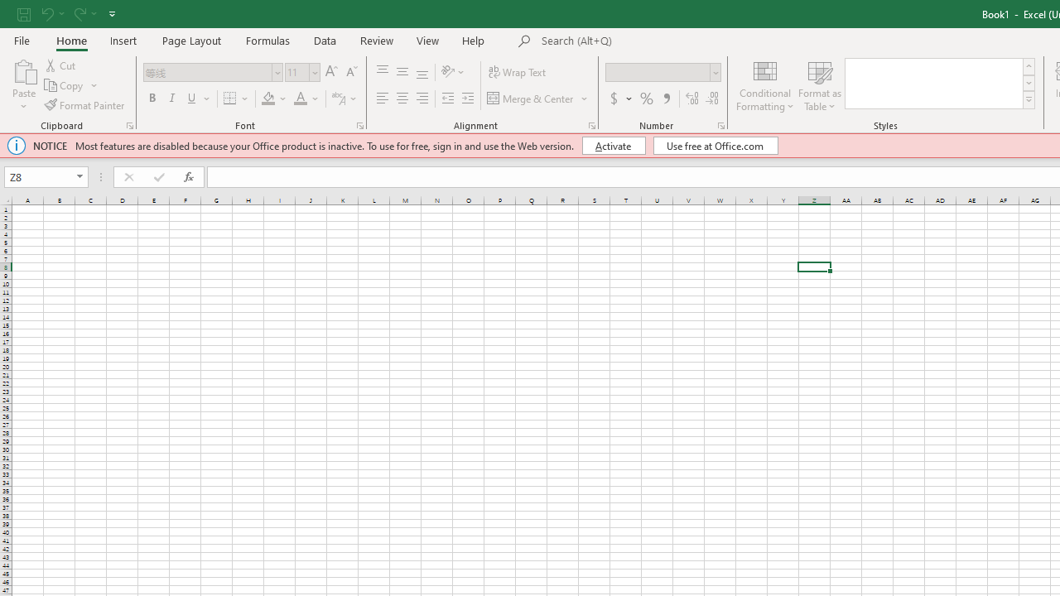 This screenshot has height=596, width=1060. What do you see at coordinates (721, 124) in the screenshot?
I see `'Format Cell Number'` at bounding box center [721, 124].